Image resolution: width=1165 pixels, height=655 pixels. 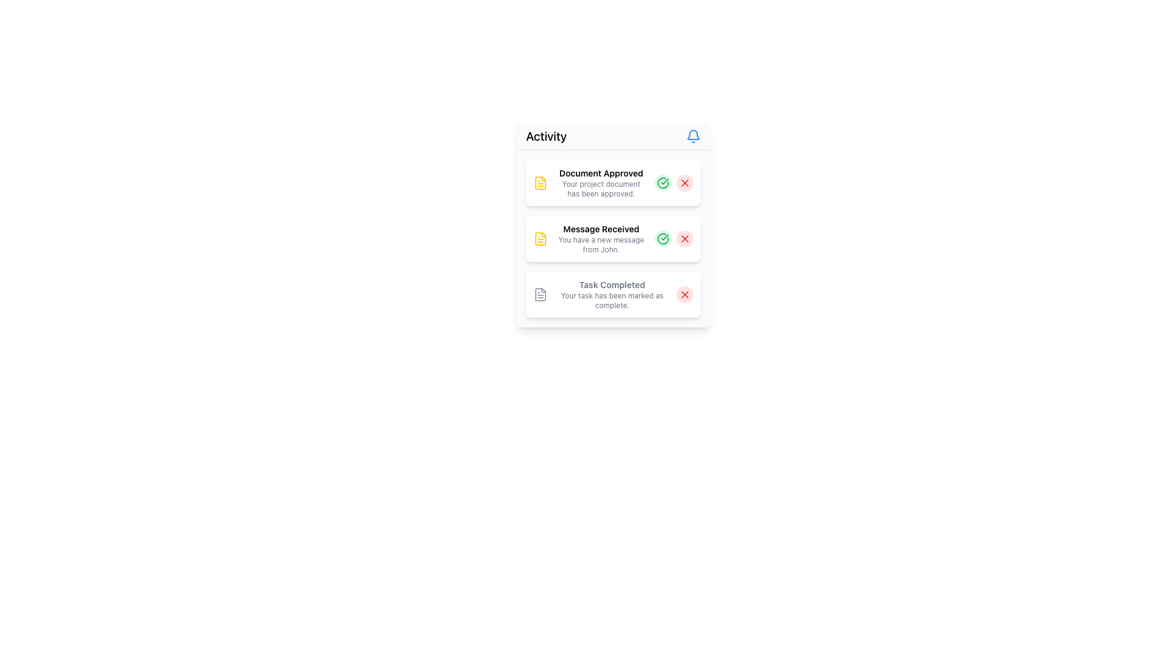 What do you see at coordinates (693, 135) in the screenshot?
I see `the bell-shaped SVG icon with a blue outline located in the top-right corner of the activity overlay interface` at bounding box center [693, 135].